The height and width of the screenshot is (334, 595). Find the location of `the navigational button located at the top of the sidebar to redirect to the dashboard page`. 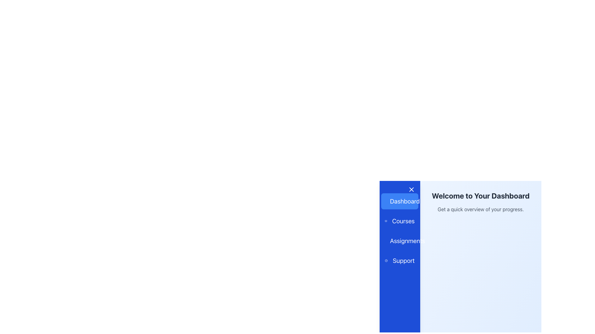

the navigational button located at the top of the sidebar to redirect to the dashboard page is located at coordinates (400, 201).